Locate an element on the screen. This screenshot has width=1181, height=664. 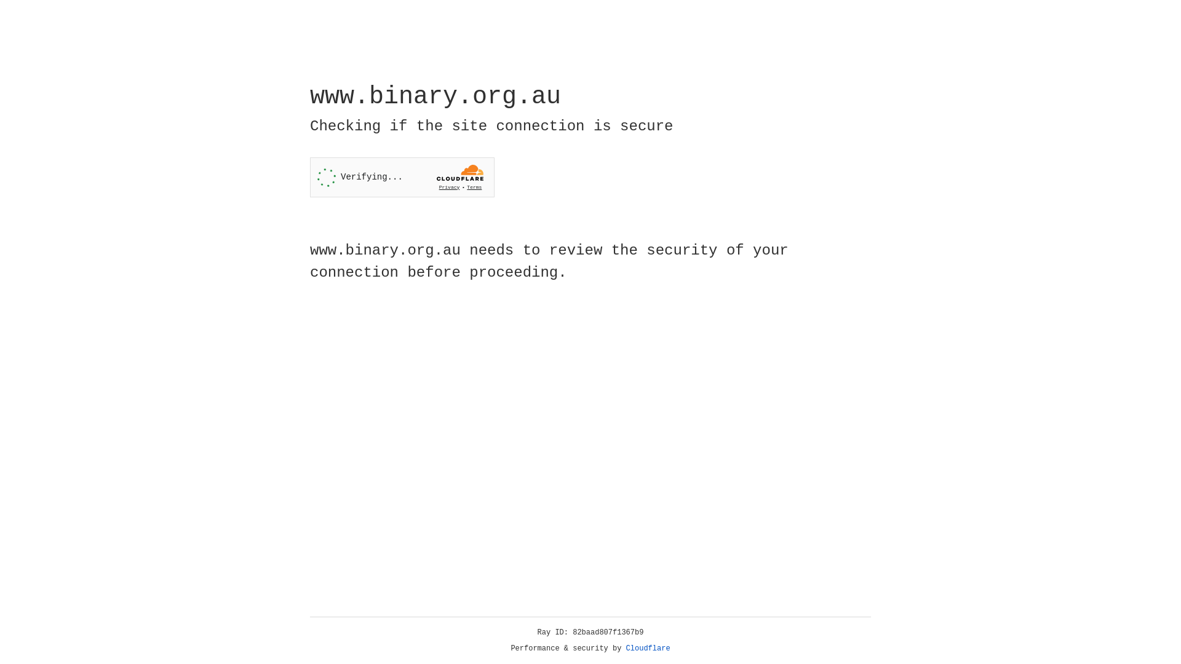
'Widget containing a Cloudflare security challenge' is located at coordinates (402, 177).